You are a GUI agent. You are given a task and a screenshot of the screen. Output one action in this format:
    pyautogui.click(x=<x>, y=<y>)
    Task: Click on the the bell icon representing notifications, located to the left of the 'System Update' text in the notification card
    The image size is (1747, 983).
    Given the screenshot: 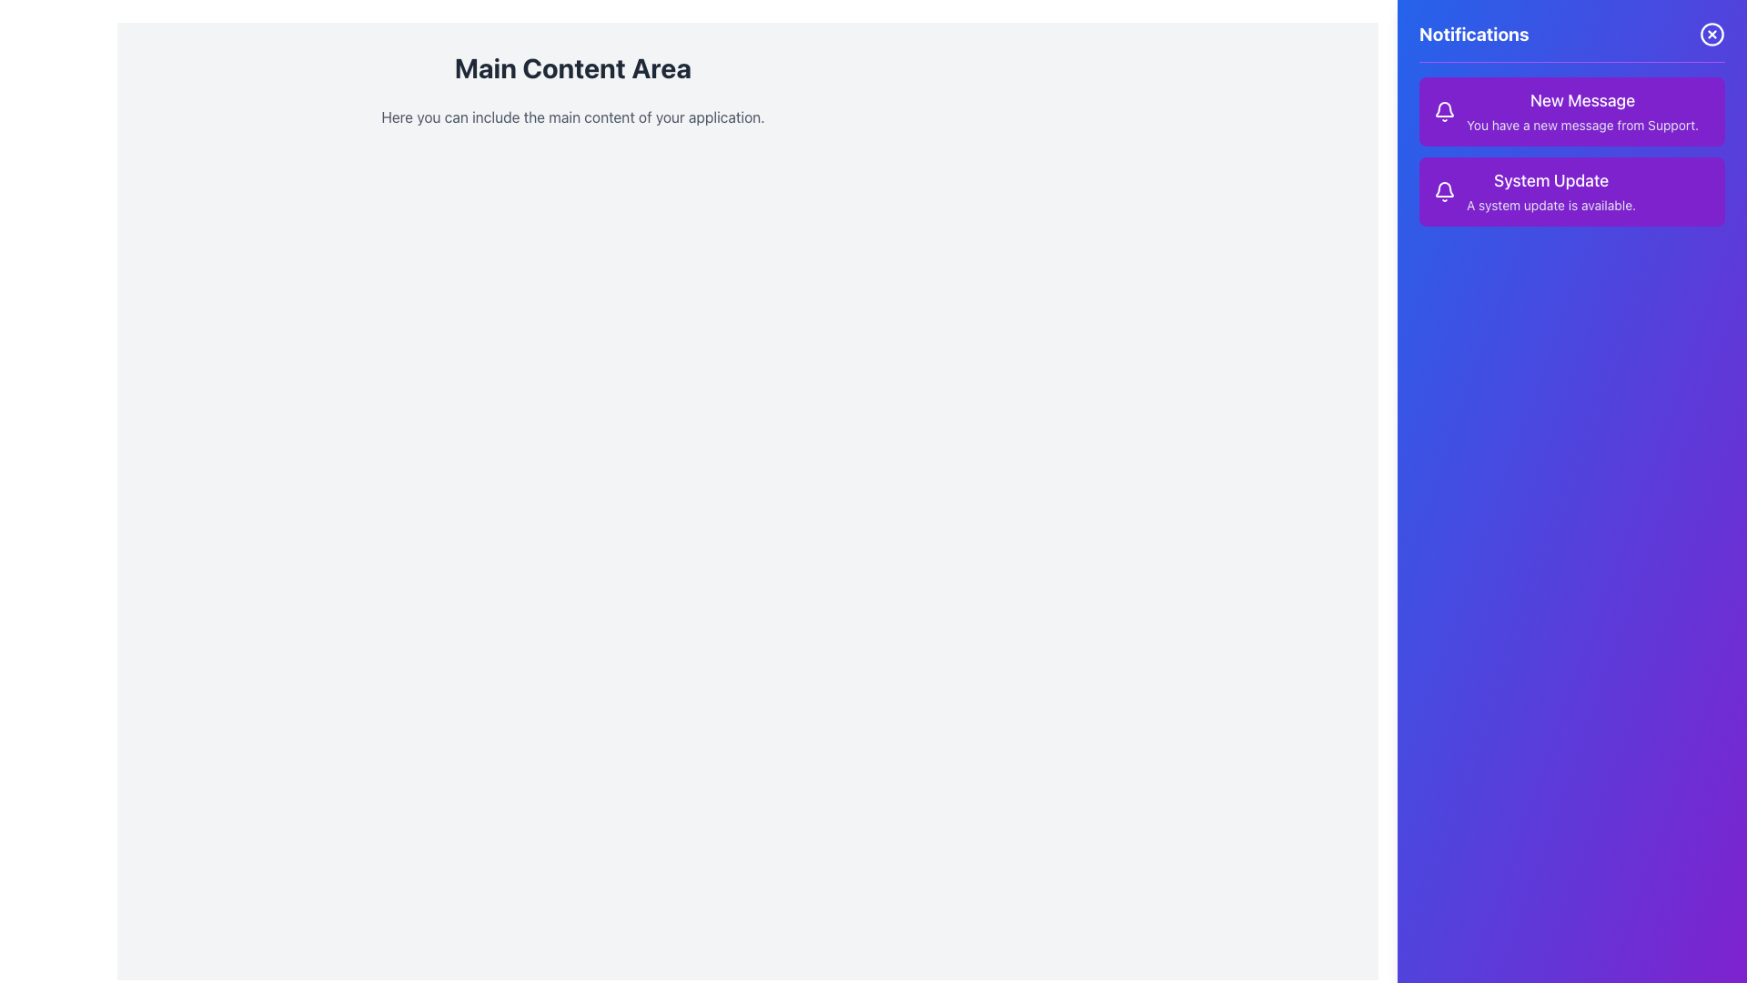 What is the action you would take?
    pyautogui.click(x=1444, y=192)
    